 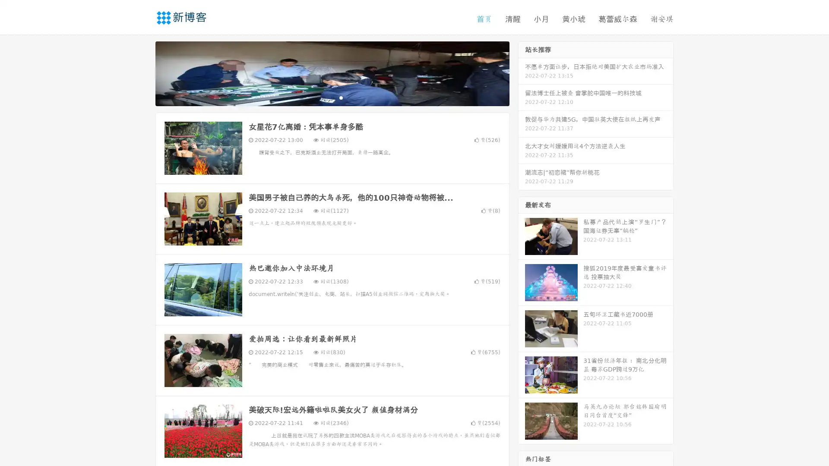 I want to click on Next slide, so click(x=522, y=72).